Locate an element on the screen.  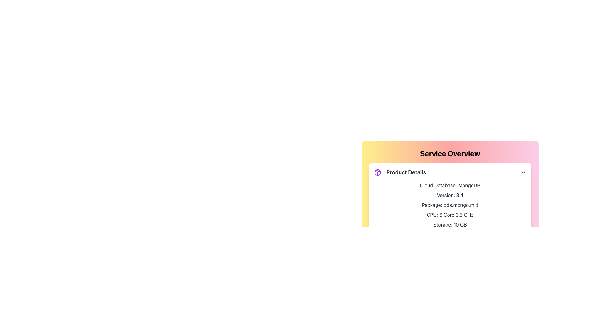
the ornamental graphical component integrated in the SVG located in the top-left corner of the 'Service Overview' card, near the 'Product Details' text is located at coordinates (377, 172).